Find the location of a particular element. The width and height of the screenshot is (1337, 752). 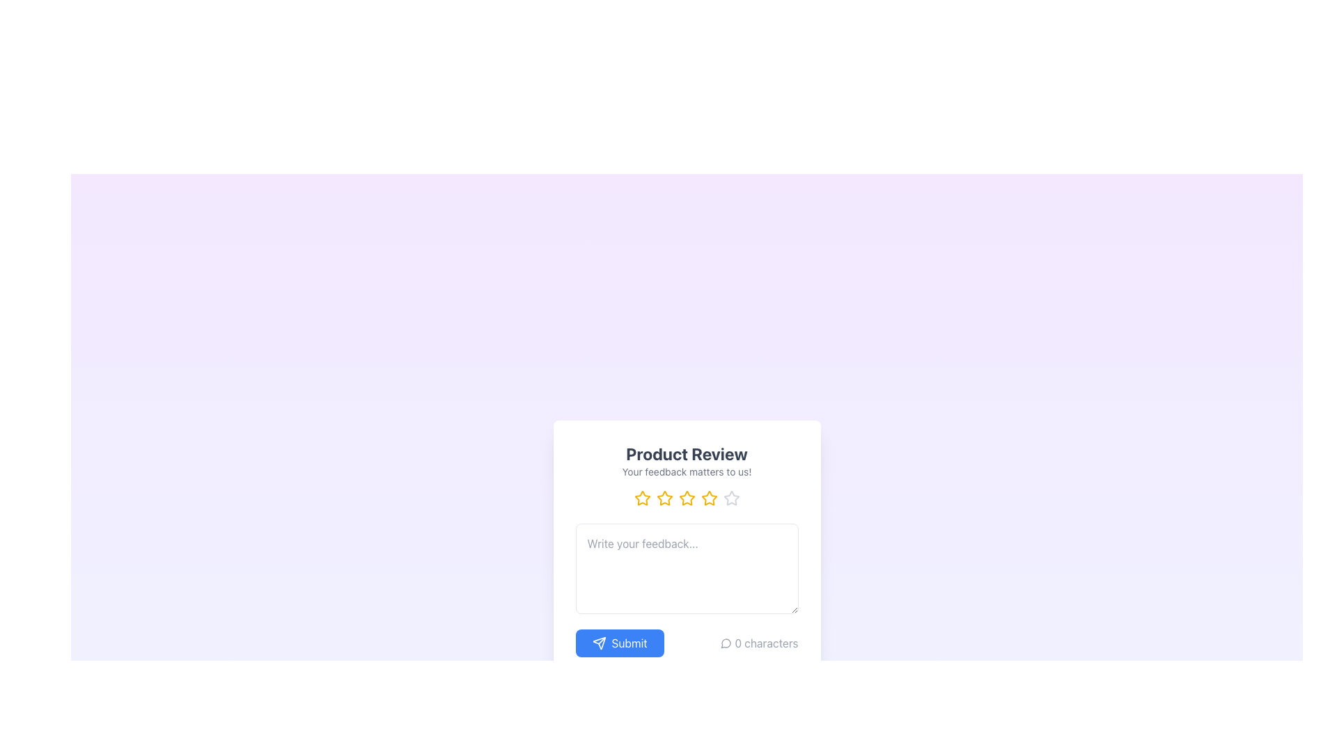

the fifth gray star icon in the rating row is located at coordinates (730, 498).